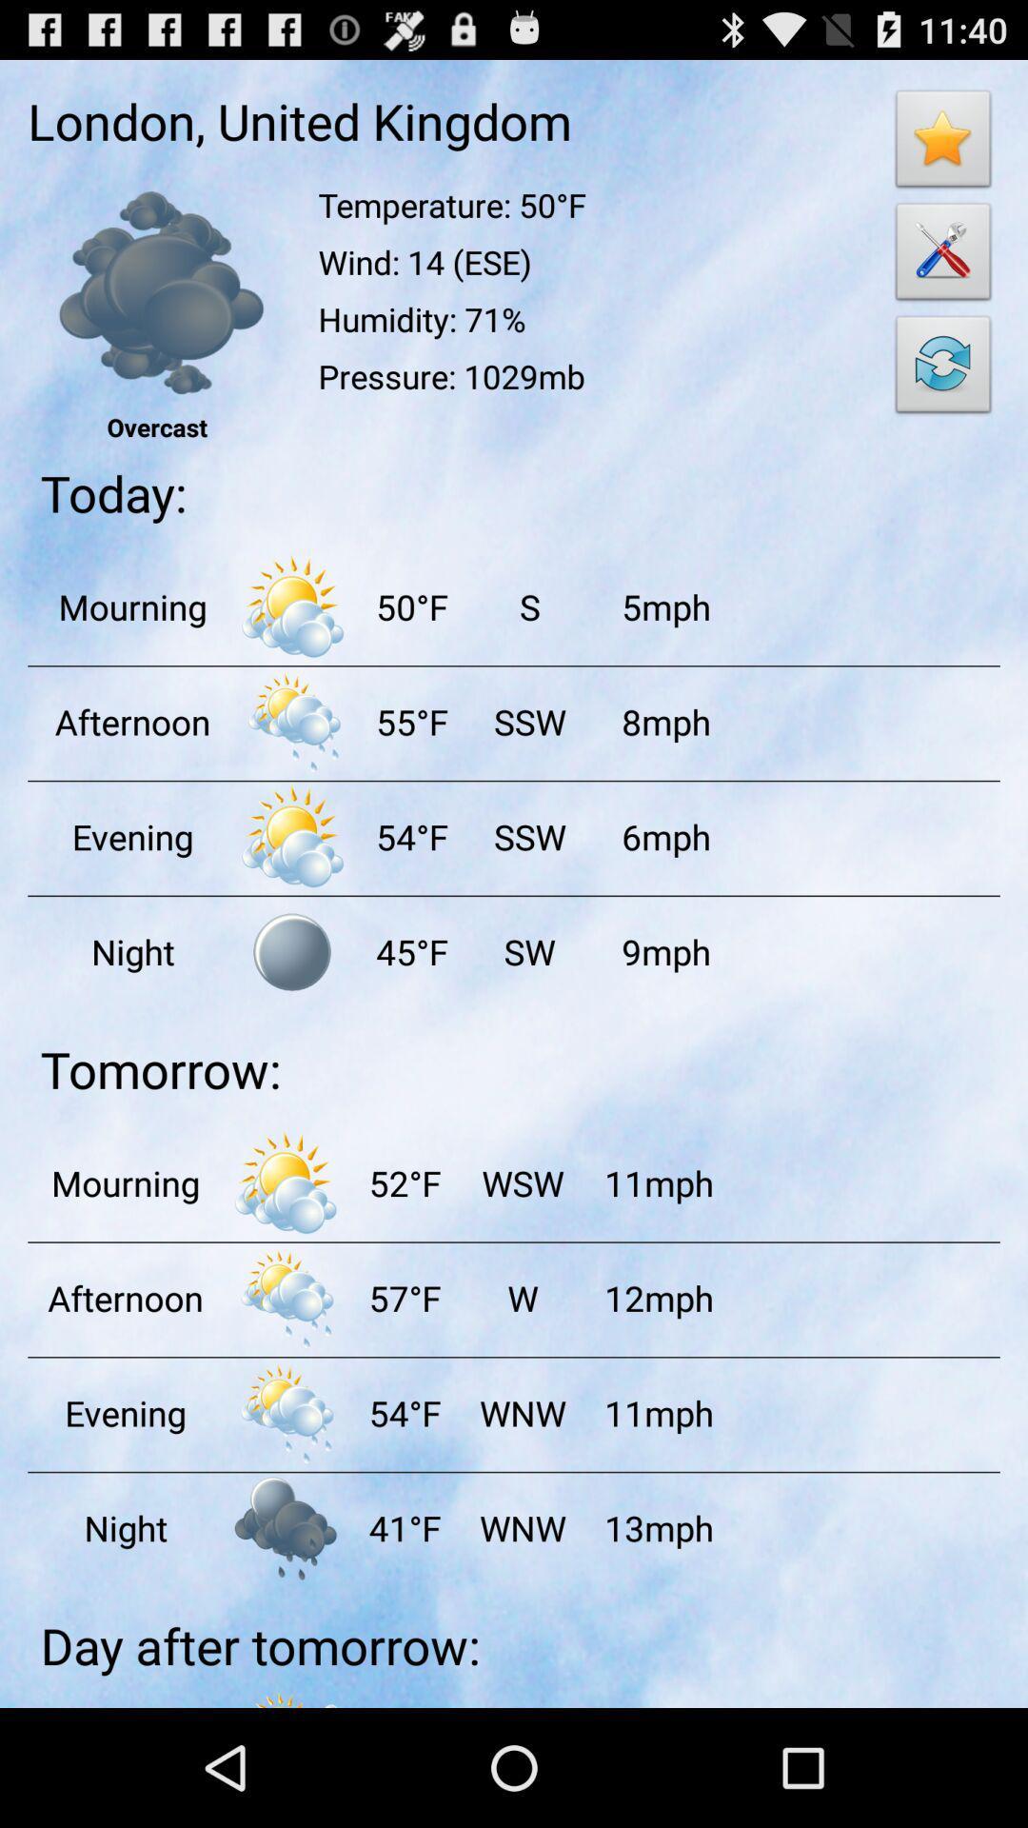 Image resolution: width=1028 pixels, height=1828 pixels. I want to click on w, so click(522, 1297).